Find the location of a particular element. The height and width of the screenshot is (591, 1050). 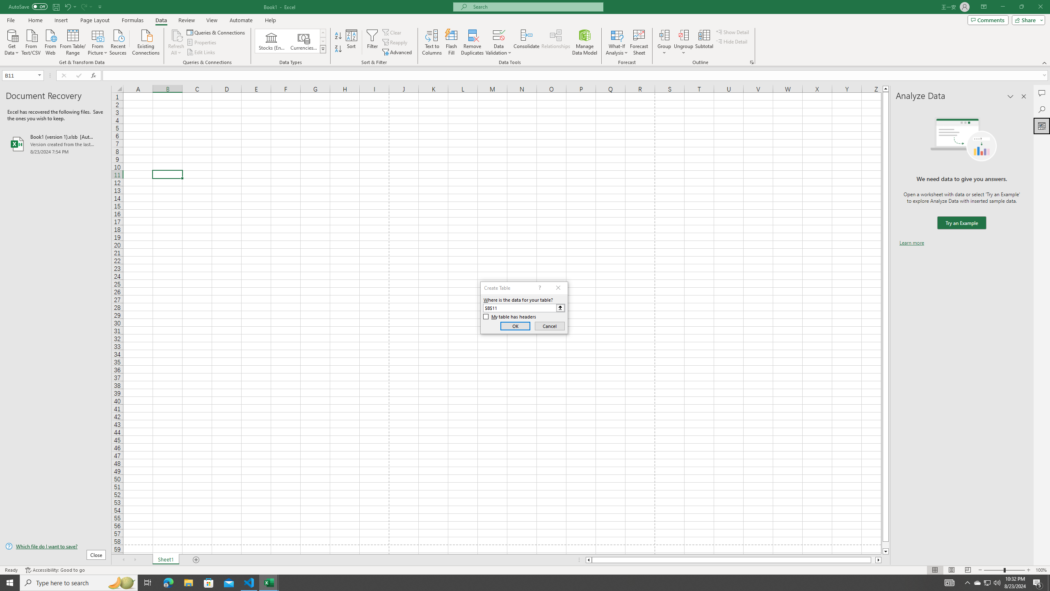

'Get Data' is located at coordinates (11, 41).